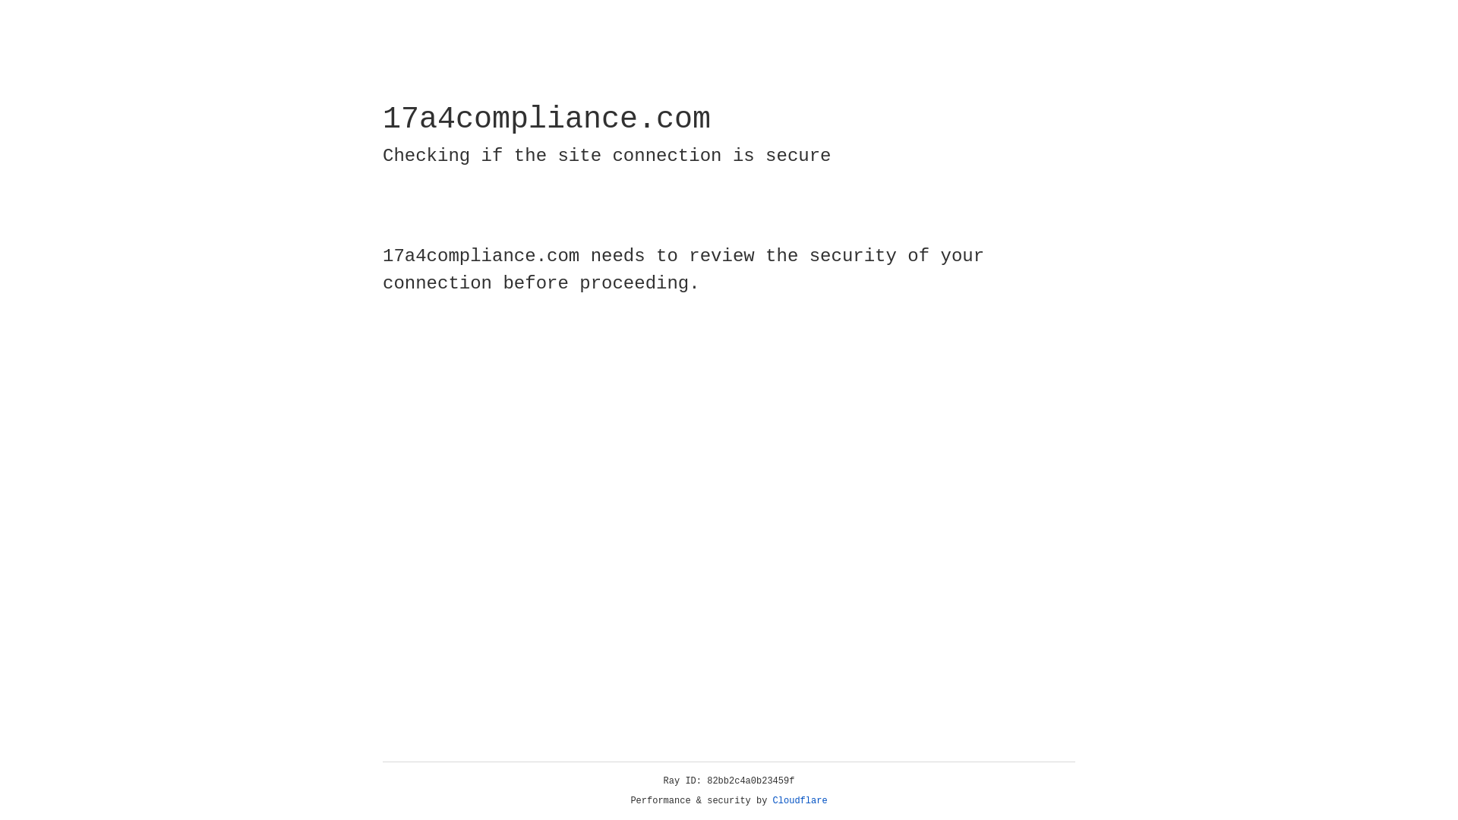  I want to click on 'Cloudflare', so click(800, 800).